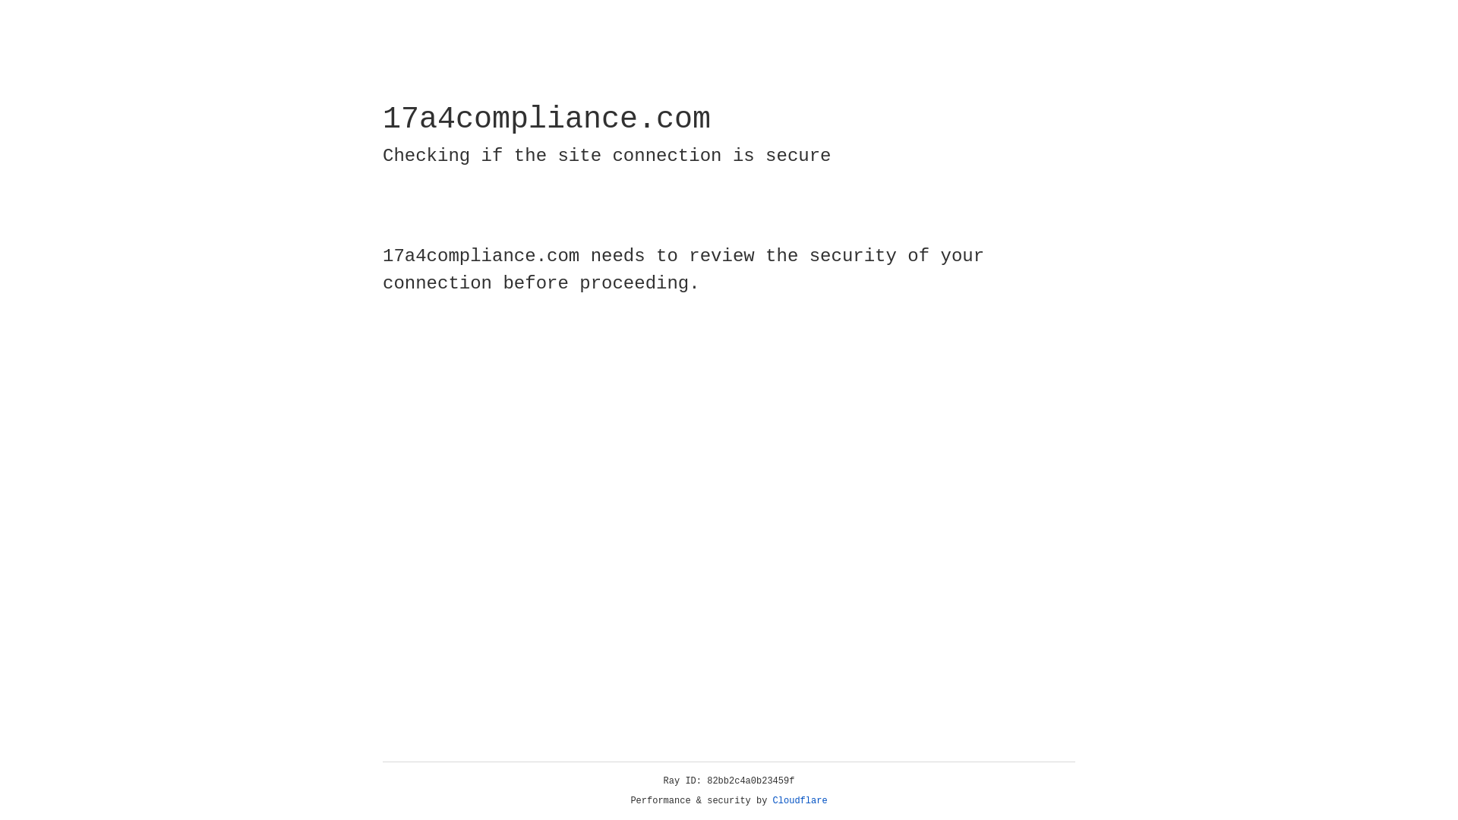  I want to click on 'Cloudflare', so click(800, 800).